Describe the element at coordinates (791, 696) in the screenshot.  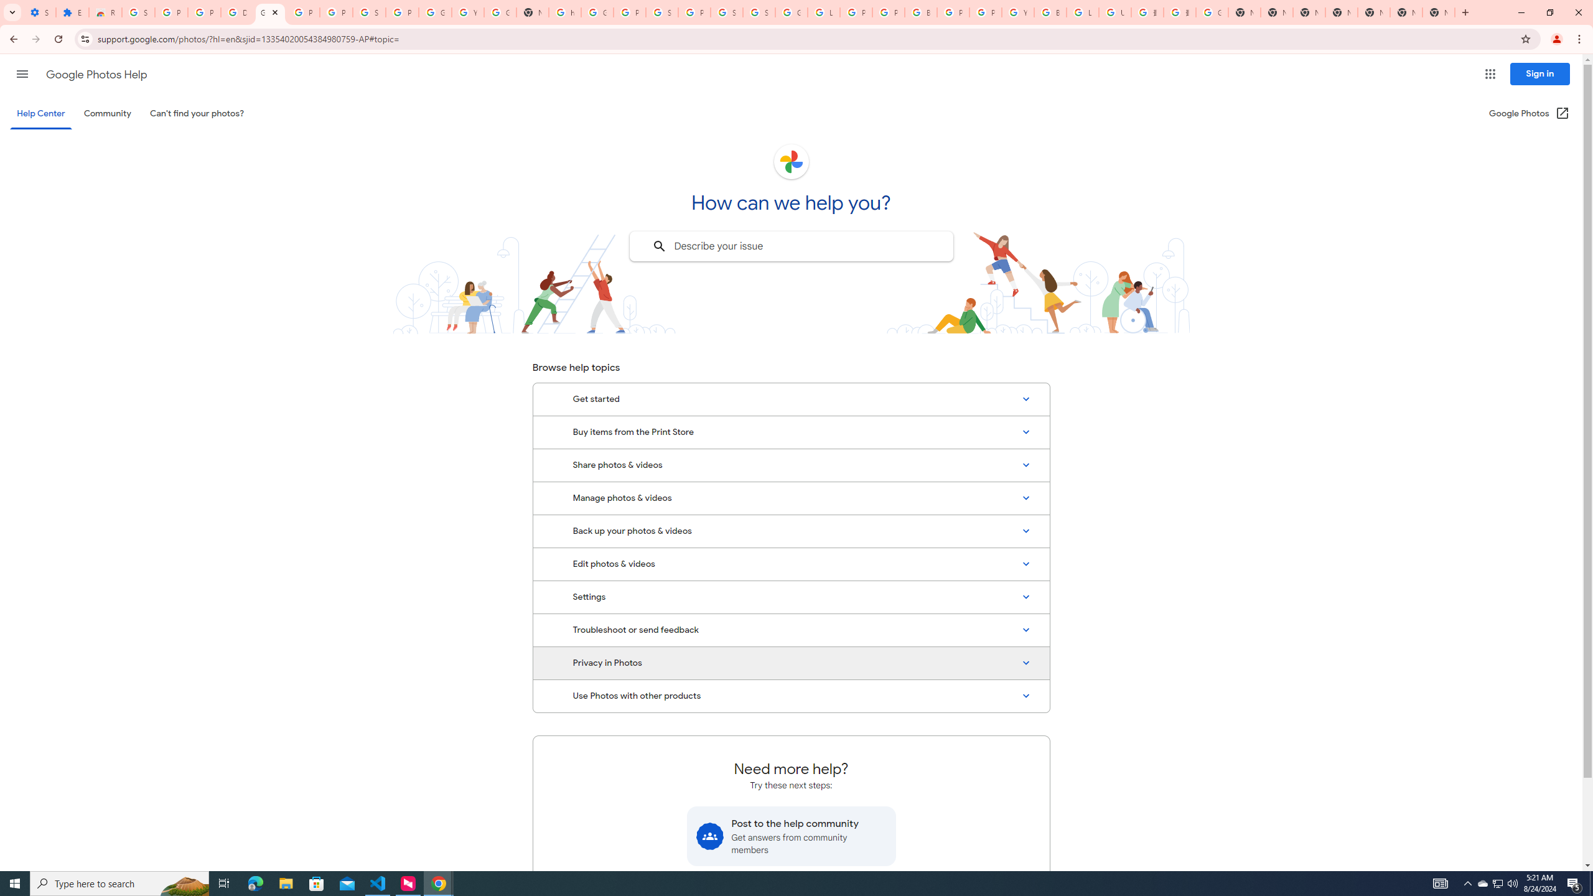
I see `'Use Photos with other products'` at that location.